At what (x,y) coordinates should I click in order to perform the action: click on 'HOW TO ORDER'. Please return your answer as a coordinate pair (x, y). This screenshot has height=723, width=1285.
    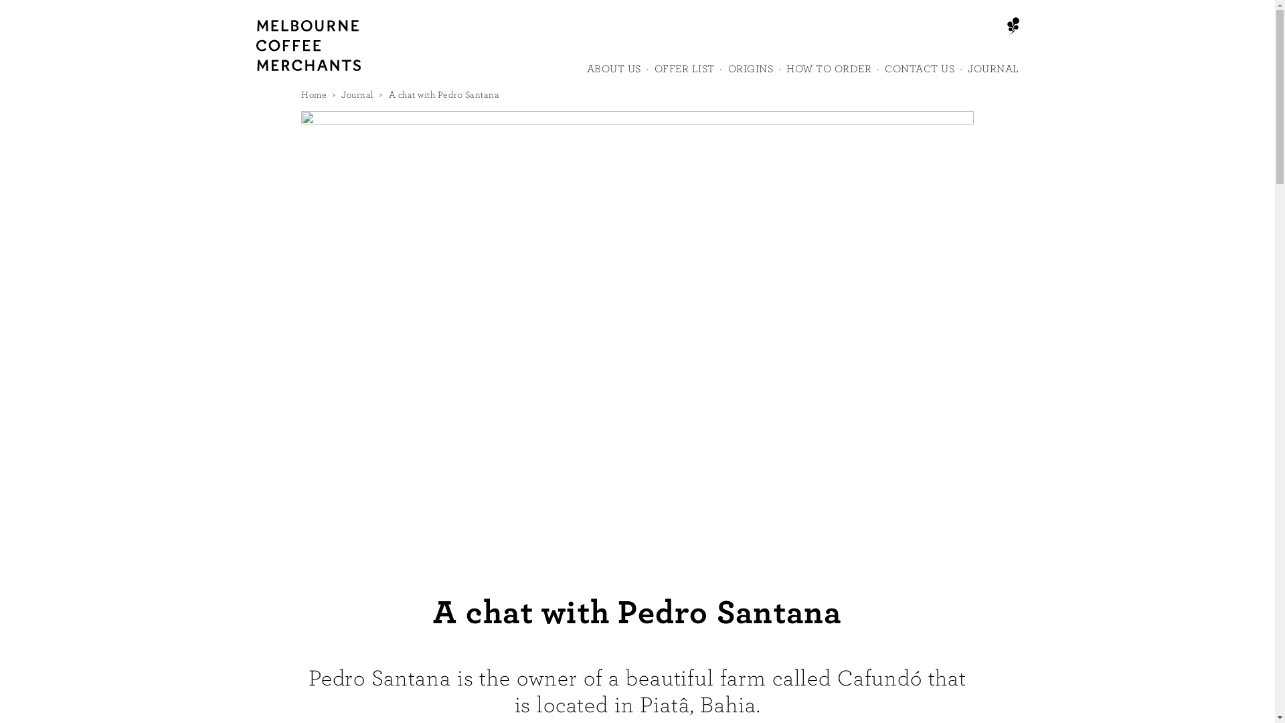
    Looking at the image, I should click on (828, 74).